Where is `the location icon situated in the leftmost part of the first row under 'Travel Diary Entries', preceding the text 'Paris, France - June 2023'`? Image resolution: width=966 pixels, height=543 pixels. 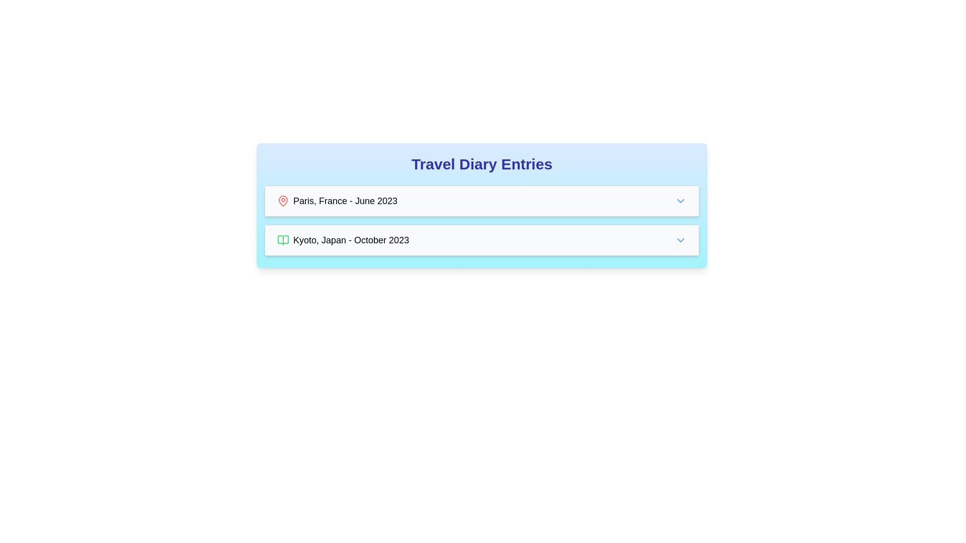 the location icon situated in the leftmost part of the first row under 'Travel Diary Entries', preceding the text 'Paris, France - June 2023' is located at coordinates (282, 200).